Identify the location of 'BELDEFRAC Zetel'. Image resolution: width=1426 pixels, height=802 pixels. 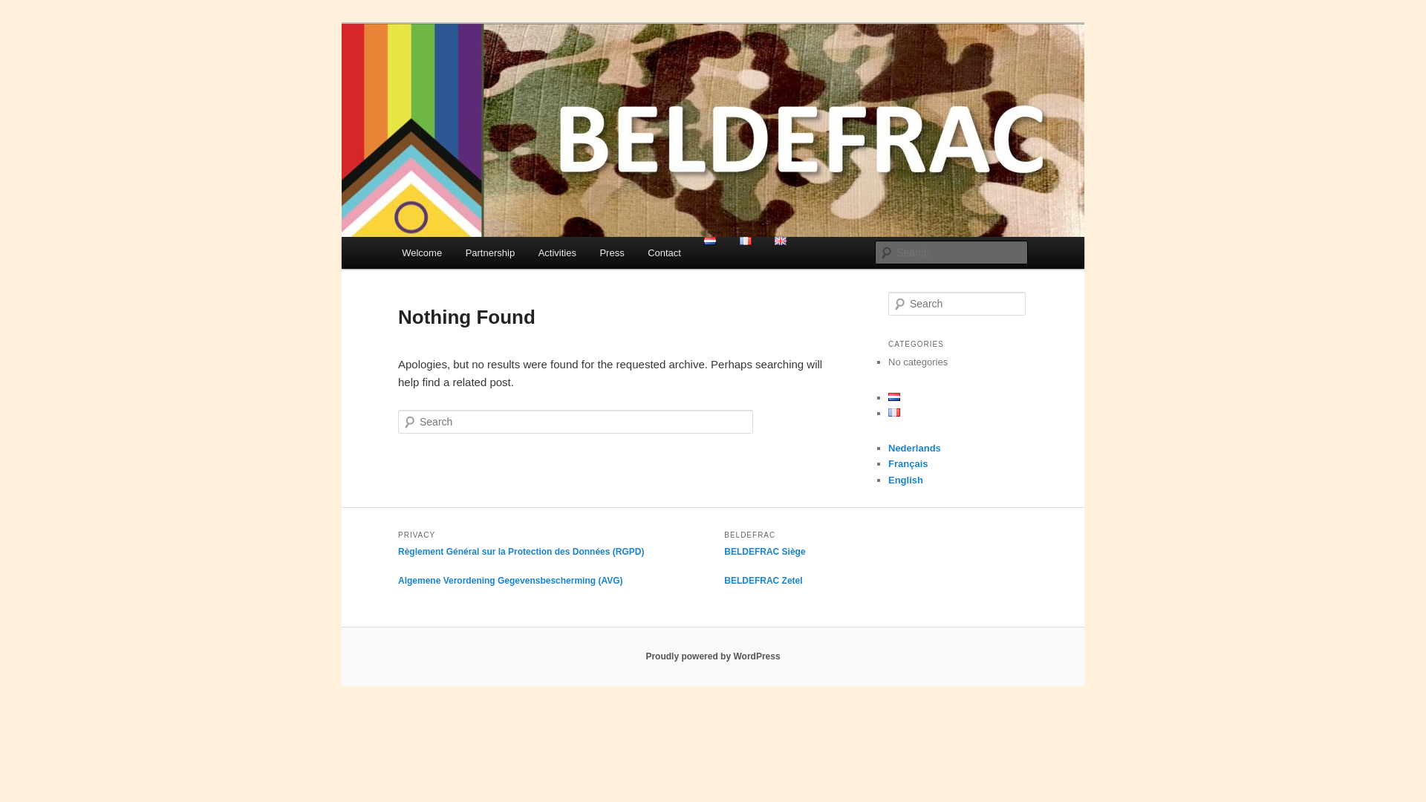
(763, 580).